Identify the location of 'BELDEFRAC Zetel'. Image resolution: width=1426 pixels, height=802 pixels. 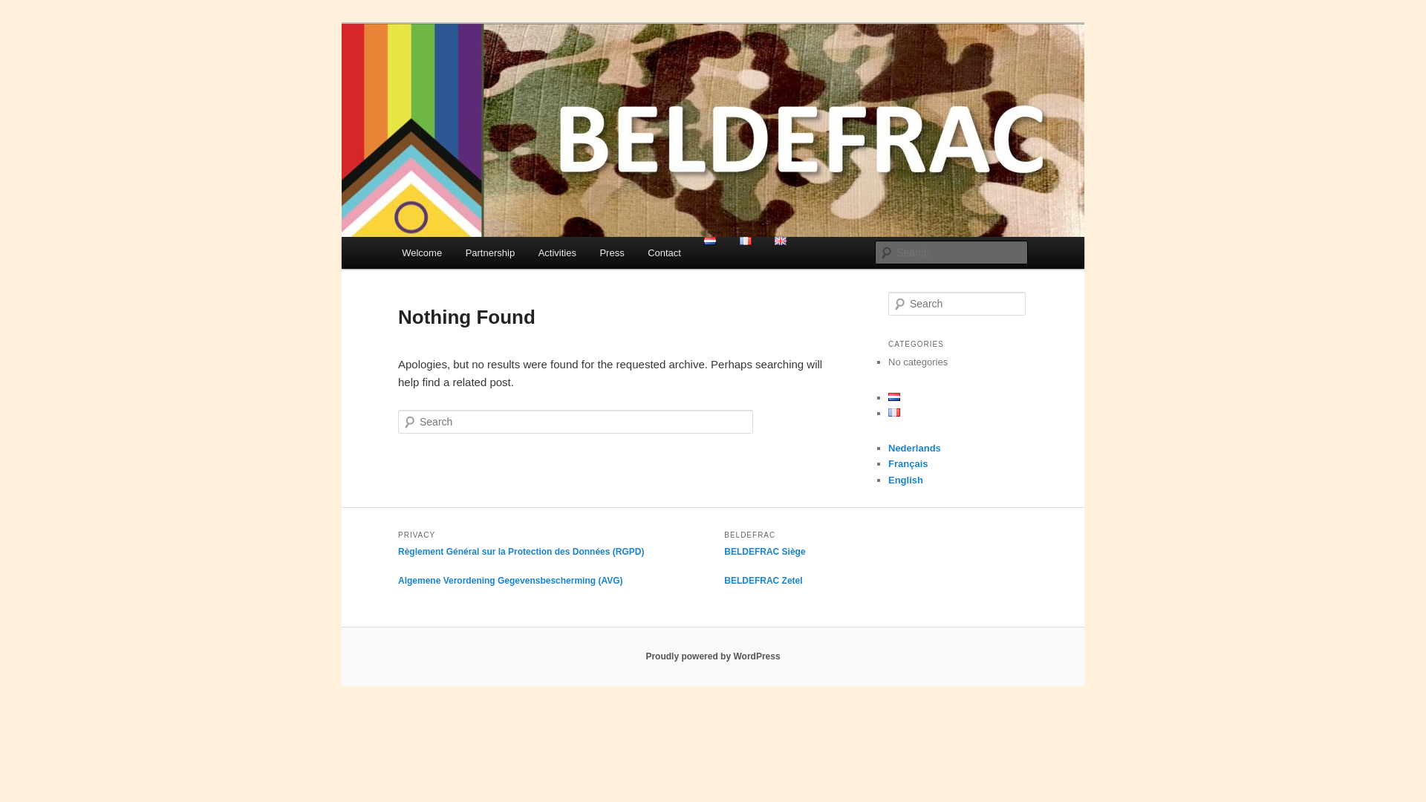
(763, 580).